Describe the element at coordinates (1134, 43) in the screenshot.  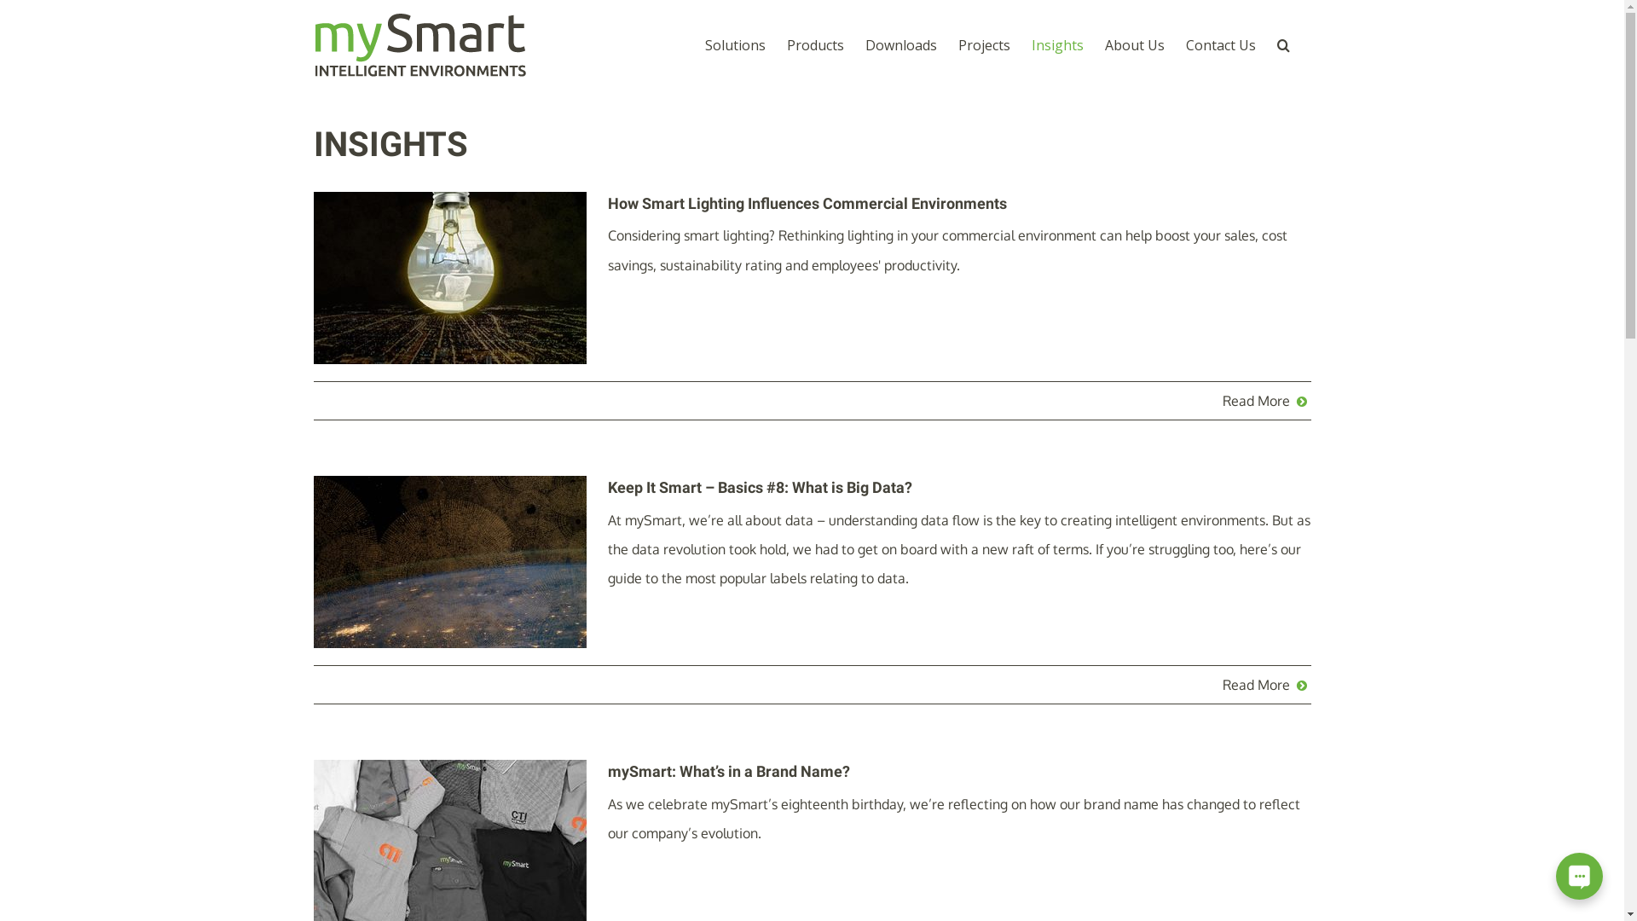
I see `'About Us'` at that location.